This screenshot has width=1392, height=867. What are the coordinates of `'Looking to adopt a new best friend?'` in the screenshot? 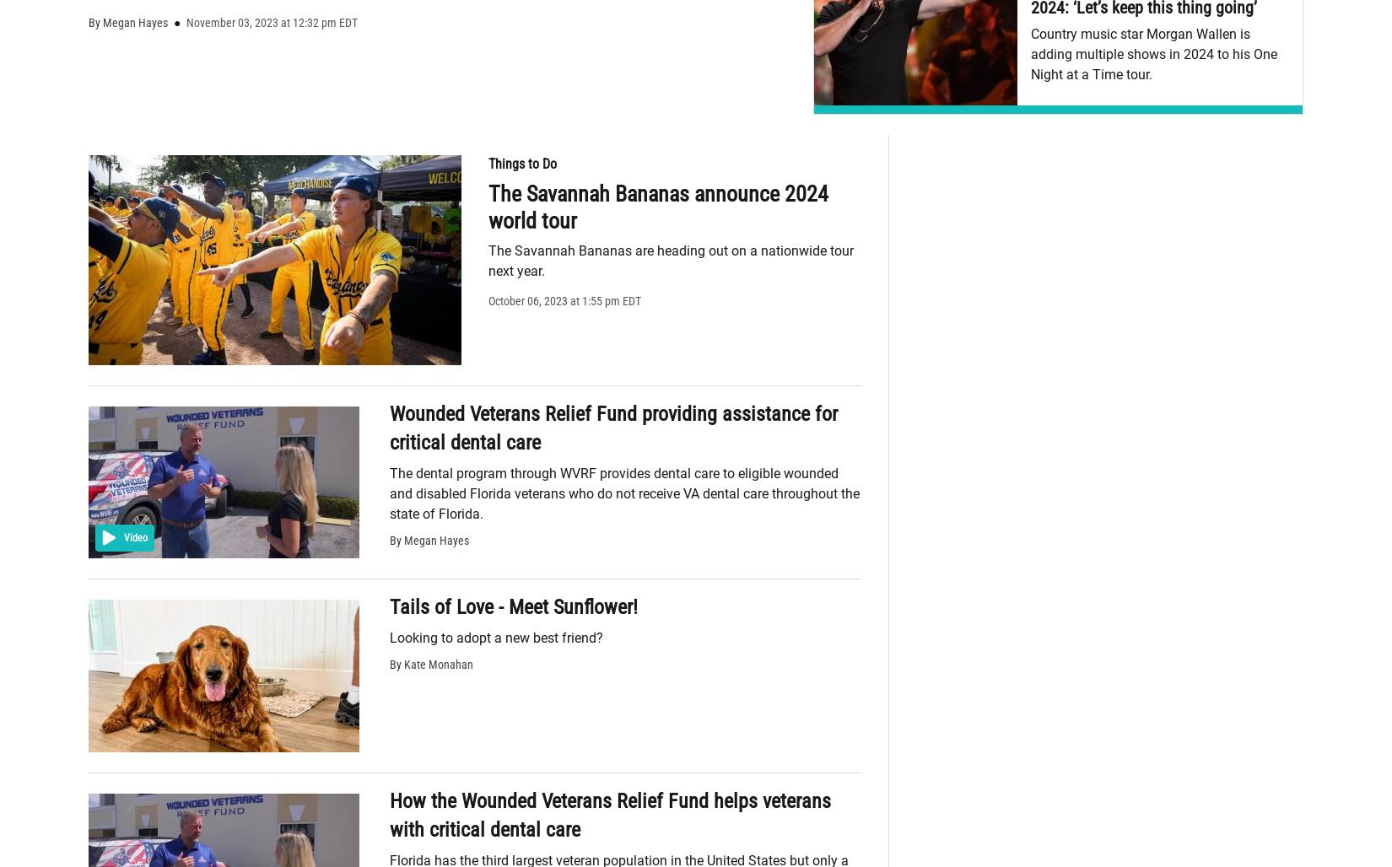 It's located at (495, 637).